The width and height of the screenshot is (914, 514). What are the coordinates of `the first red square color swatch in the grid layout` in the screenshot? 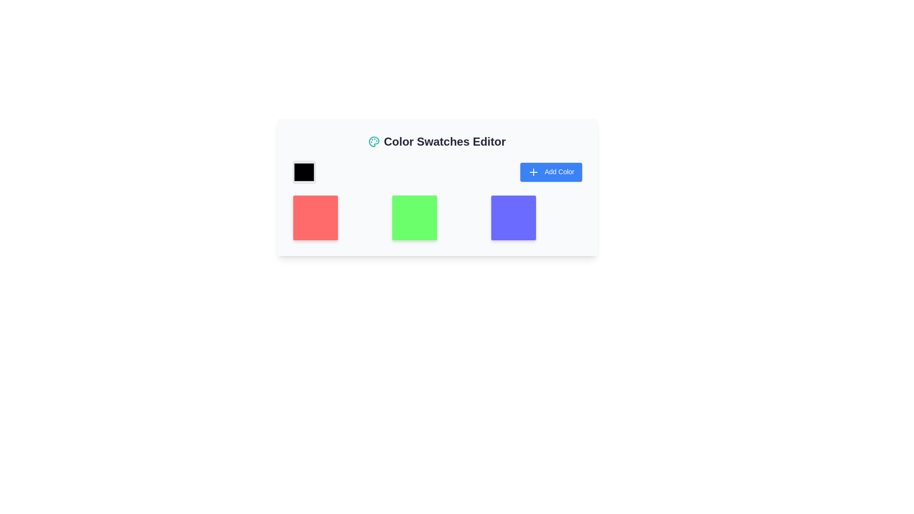 It's located at (338, 218).